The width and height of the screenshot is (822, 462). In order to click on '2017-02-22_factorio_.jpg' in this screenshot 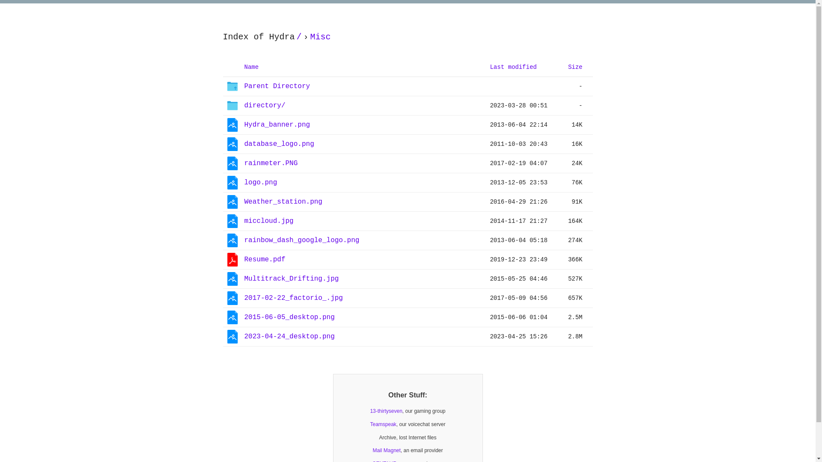, I will do `click(293, 298)`.